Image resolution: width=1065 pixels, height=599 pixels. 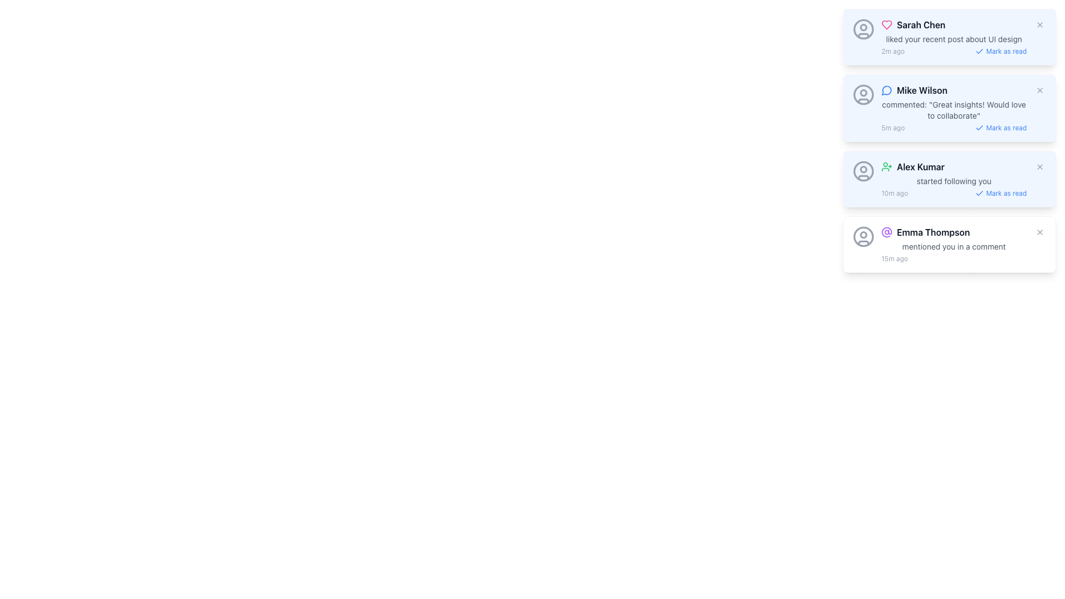 What do you see at coordinates (953, 232) in the screenshot?
I see `text label 'Emma Thompson' which is styled in bold and accompanied by a purple '@' icon, located at the top left of a notification card before the message 'mentioned you in a comment'` at bounding box center [953, 232].